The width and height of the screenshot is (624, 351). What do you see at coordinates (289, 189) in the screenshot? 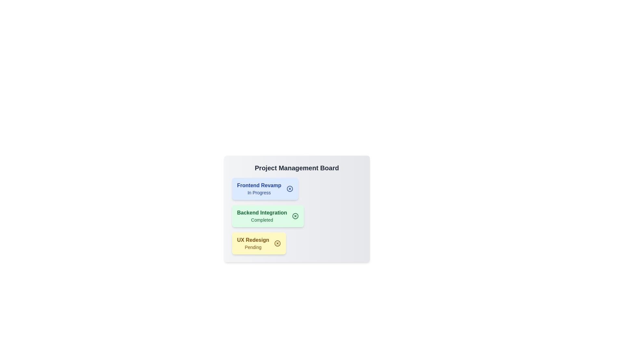
I see `close button for the project named Frontend Revamp` at bounding box center [289, 189].